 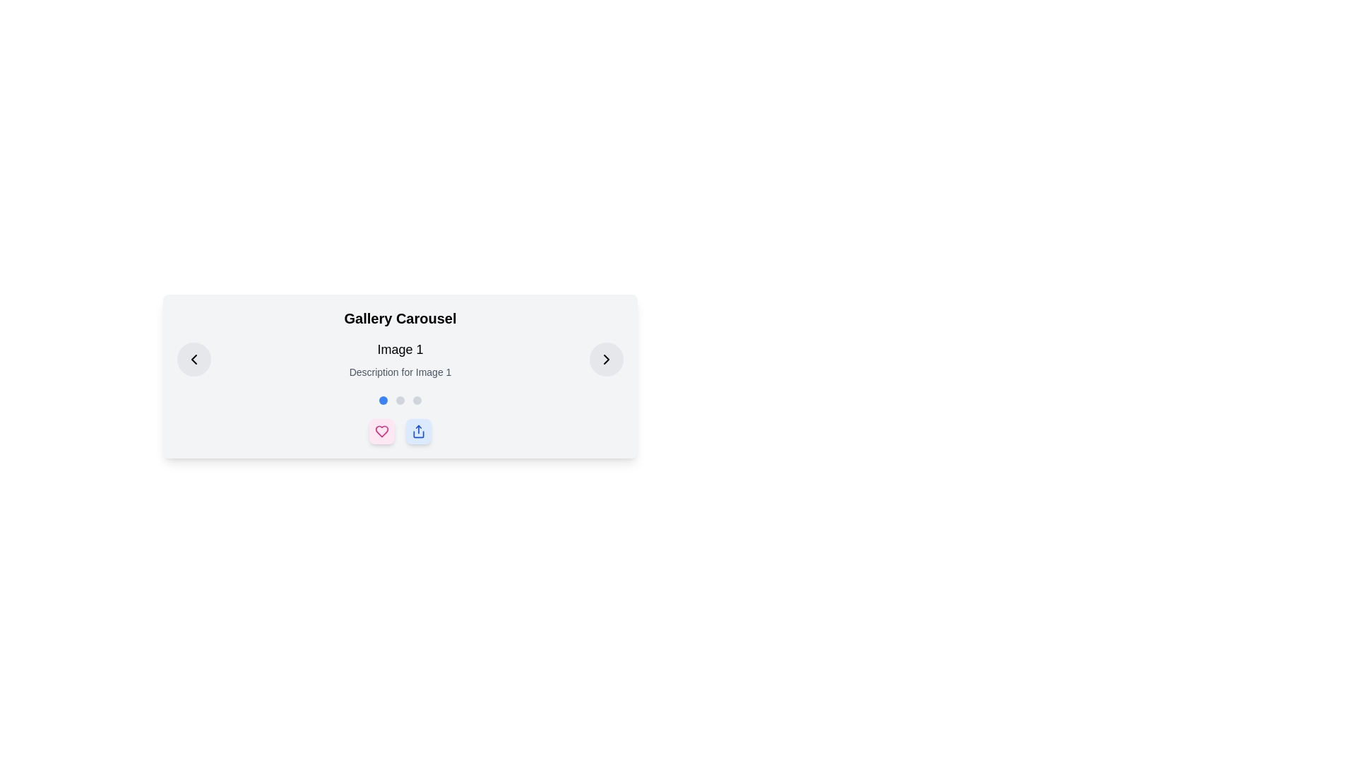 What do you see at coordinates (193, 359) in the screenshot?
I see `the navigation button located on the extreme left side of the carousel interface to move backwards through the images` at bounding box center [193, 359].